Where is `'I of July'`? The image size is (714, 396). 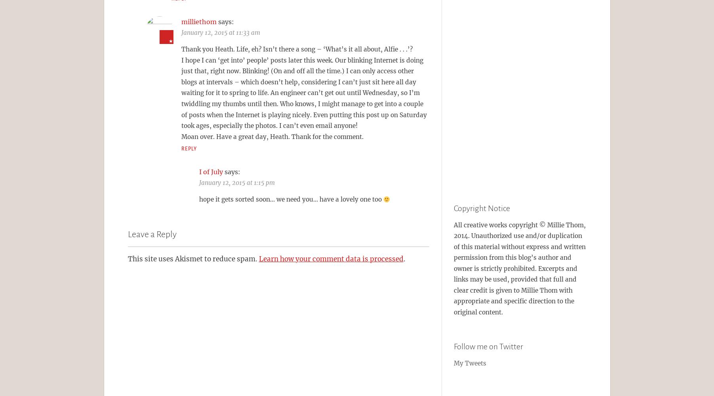
'I of July' is located at coordinates (198, 171).